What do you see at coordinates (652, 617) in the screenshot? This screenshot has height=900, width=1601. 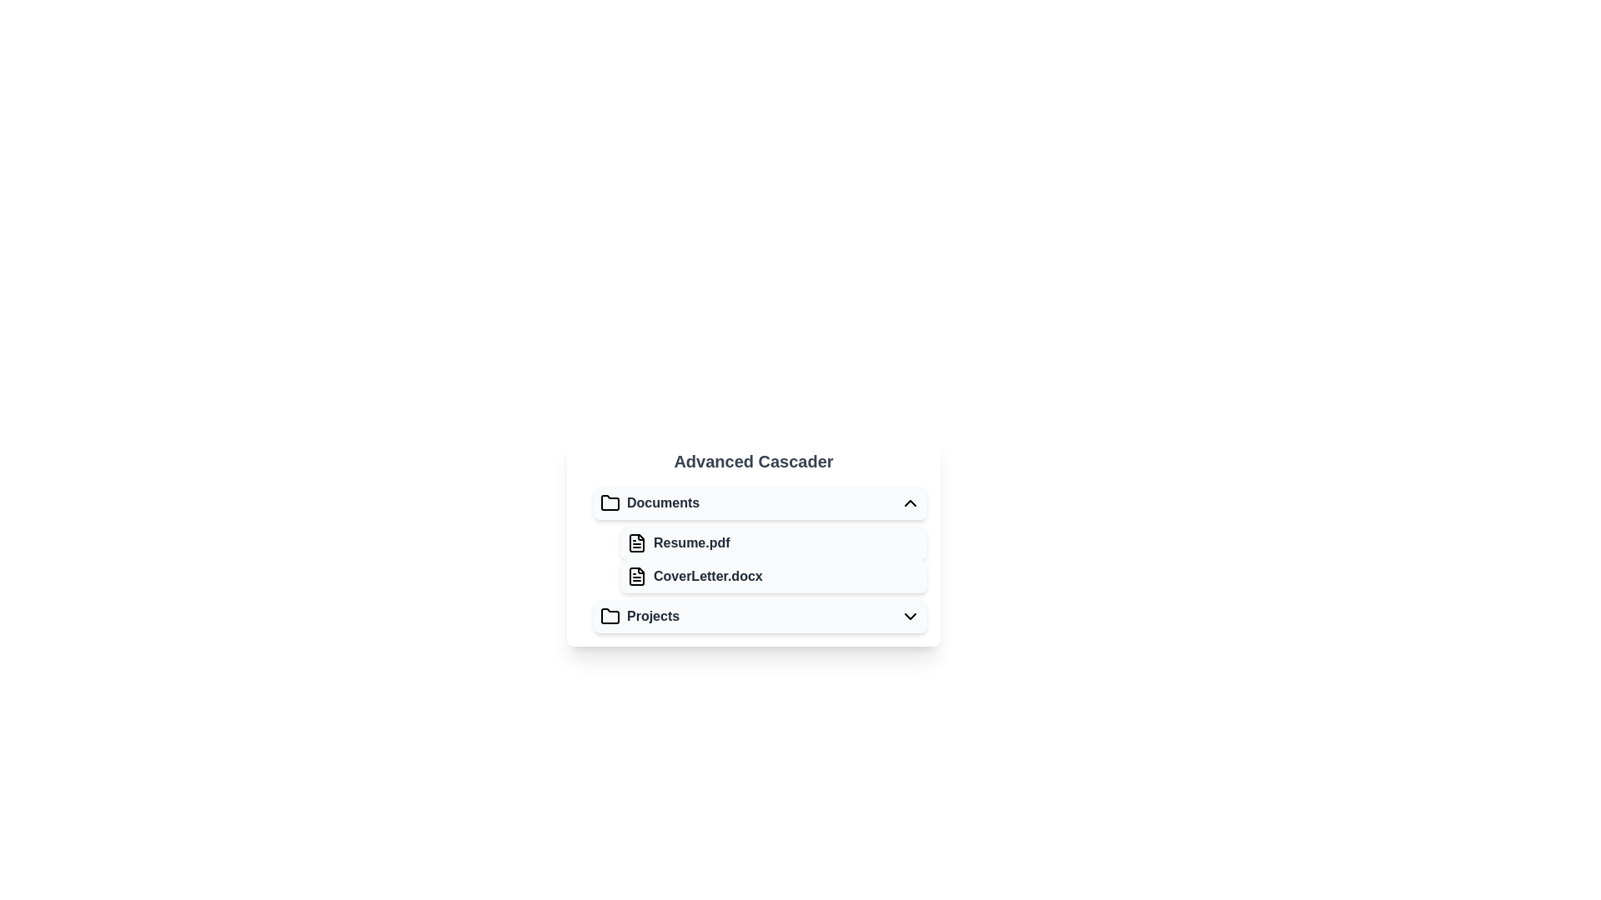 I see `the 'Projects' text label styled with bold dark gray font` at bounding box center [652, 617].